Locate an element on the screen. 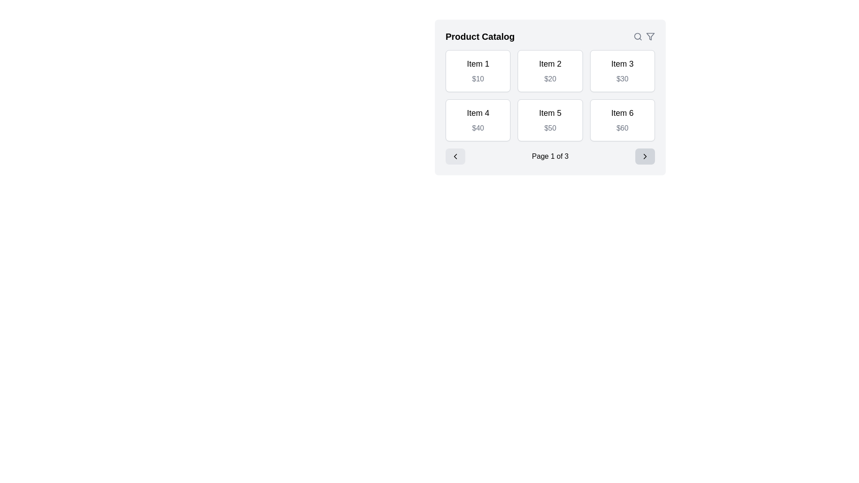 Image resolution: width=859 pixels, height=483 pixels. the Display Tile card with the title 'Item 4' and the price '$40', which is located in the second row and first column of the Product Catalog grid is located at coordinates (477, 120).